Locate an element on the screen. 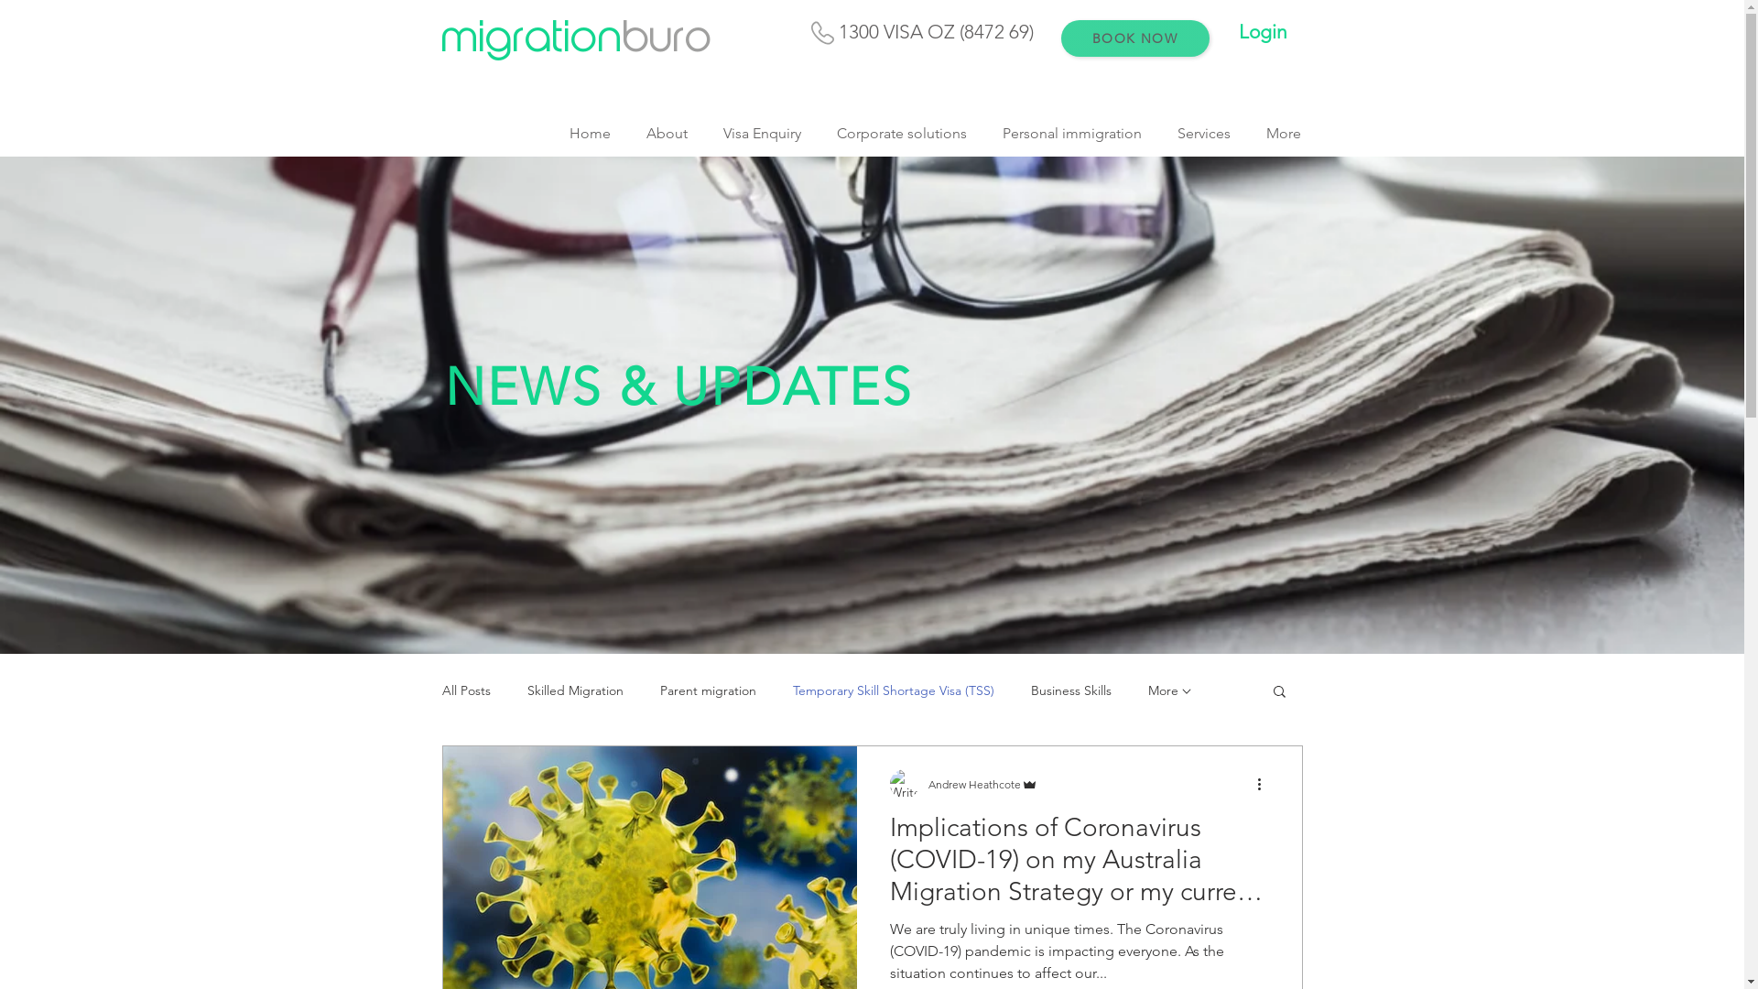  'migration' is located at coordinates (530, 39).